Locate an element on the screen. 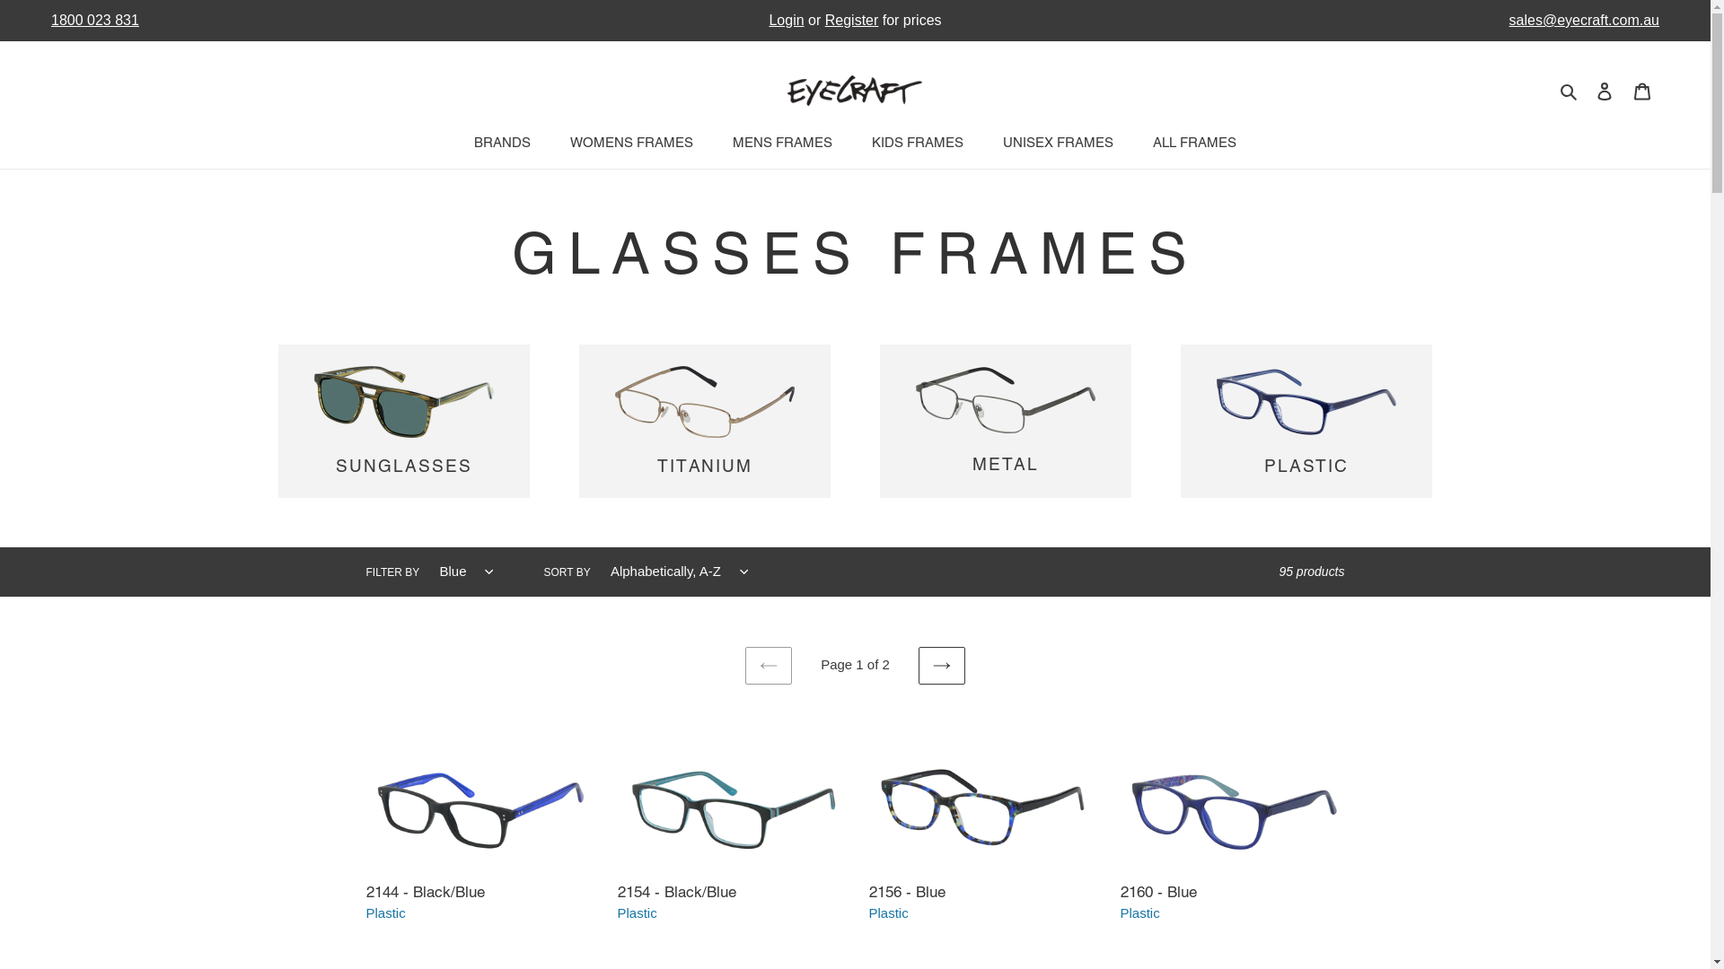  'Cart' is located at coordinates (1641, 91).